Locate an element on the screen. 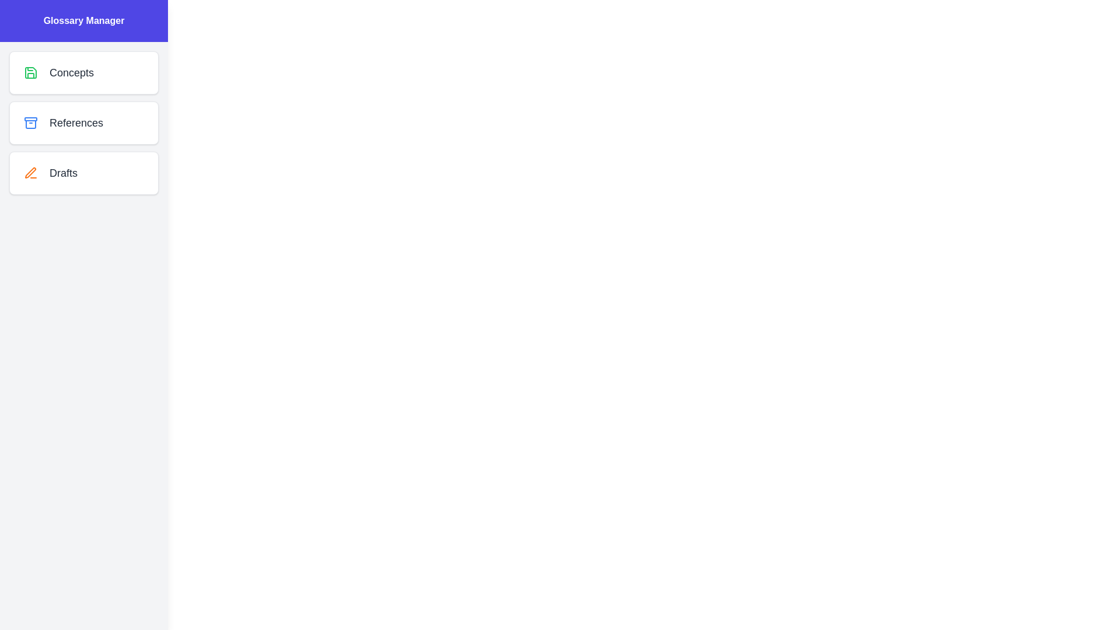 The image size is (1120, 630). the icon next to the Concepts category is located at coordinates (30, 72).